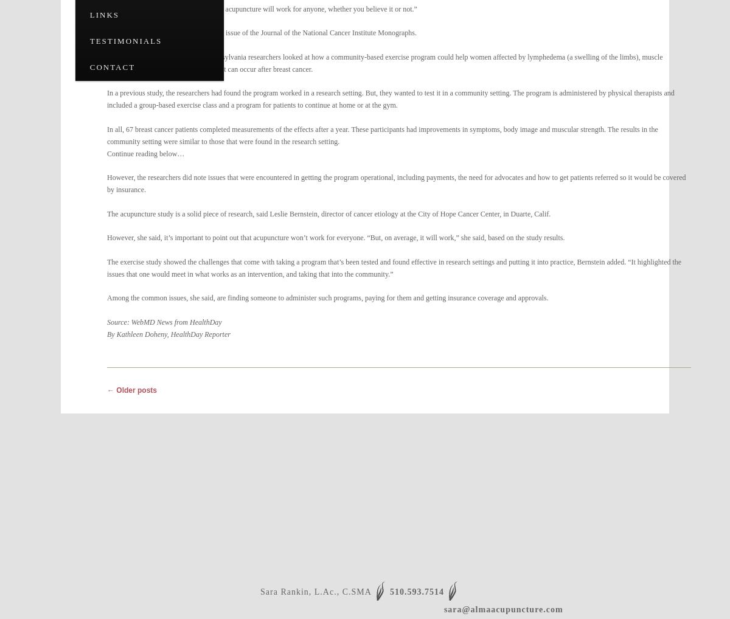 This screenshot has height=619, width=730. I want to click on 'What this means, Mao said, is that “real acupuncture will work for anyone, whether you believe it or not.”', so click(262, 8).